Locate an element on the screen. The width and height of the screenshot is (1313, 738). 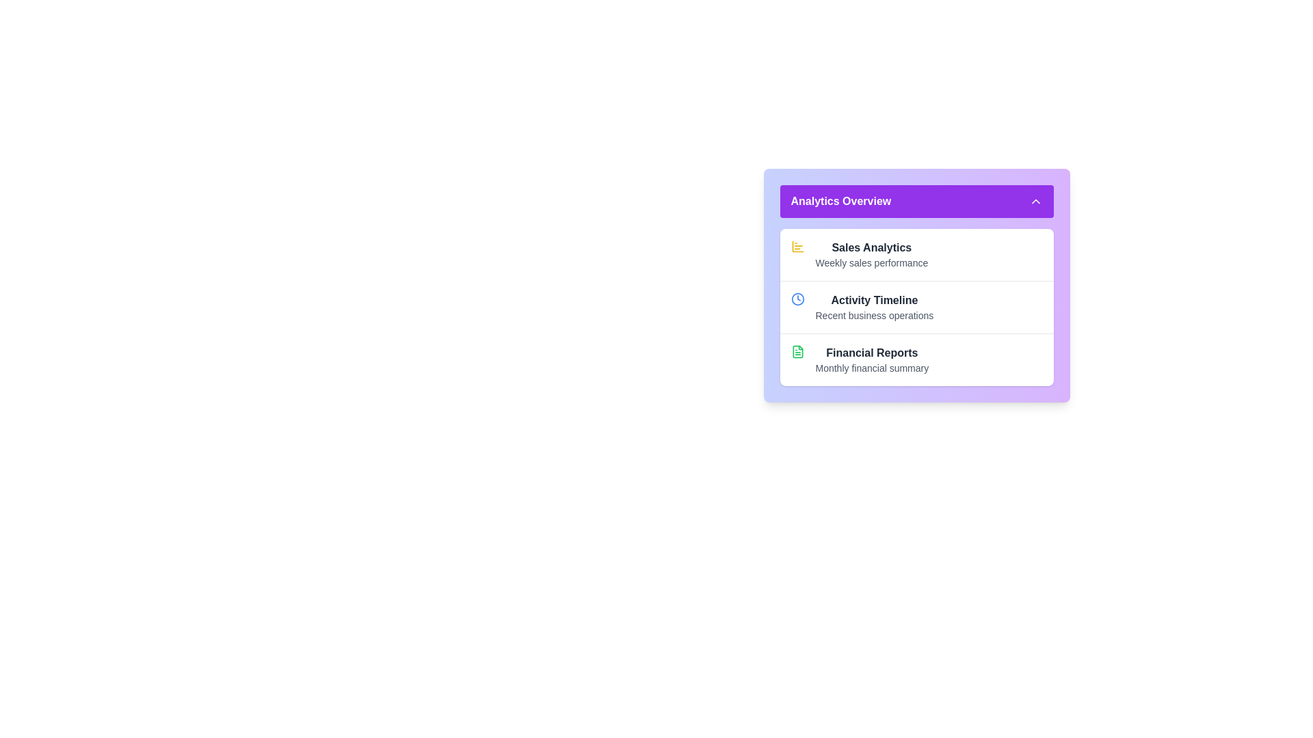
the small green text file icon located next to the 'Financial Reports' label in the 'Analytics Overview' section to observe its tooltip or additional information is located at coordinates (797, 351).